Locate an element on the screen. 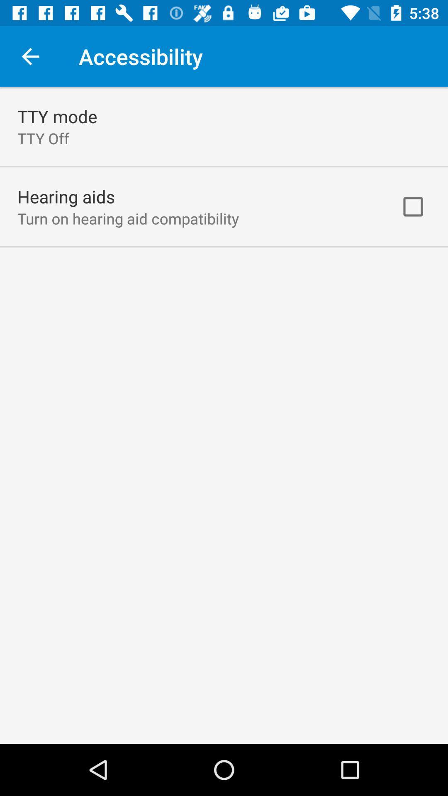 The width and height of the screenshot is (448, 796). hearing aids is located at coordinates (66, 196).